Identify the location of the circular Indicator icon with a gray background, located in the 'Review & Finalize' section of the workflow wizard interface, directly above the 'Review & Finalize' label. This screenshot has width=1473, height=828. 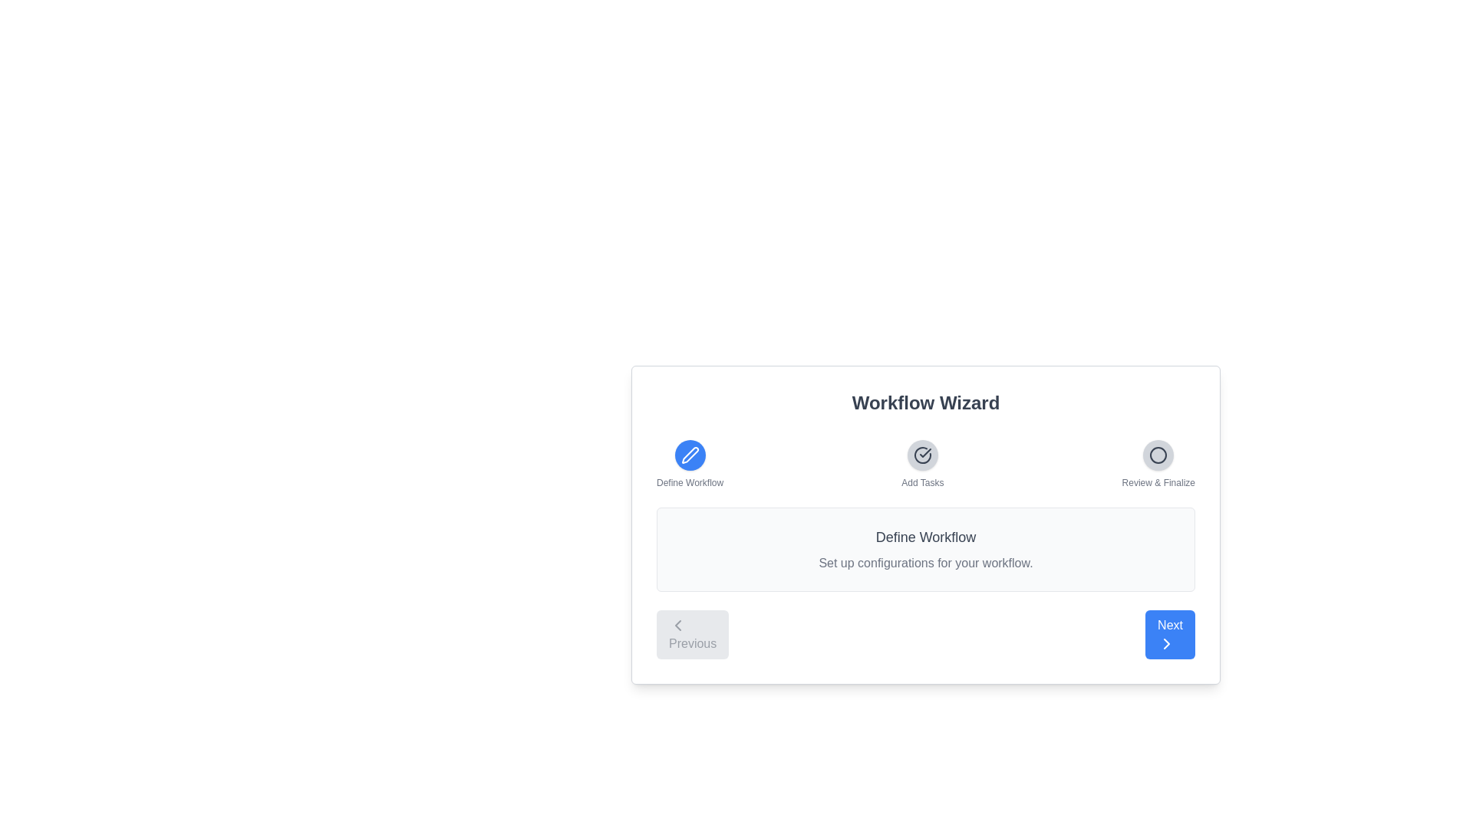
(1158, 455).